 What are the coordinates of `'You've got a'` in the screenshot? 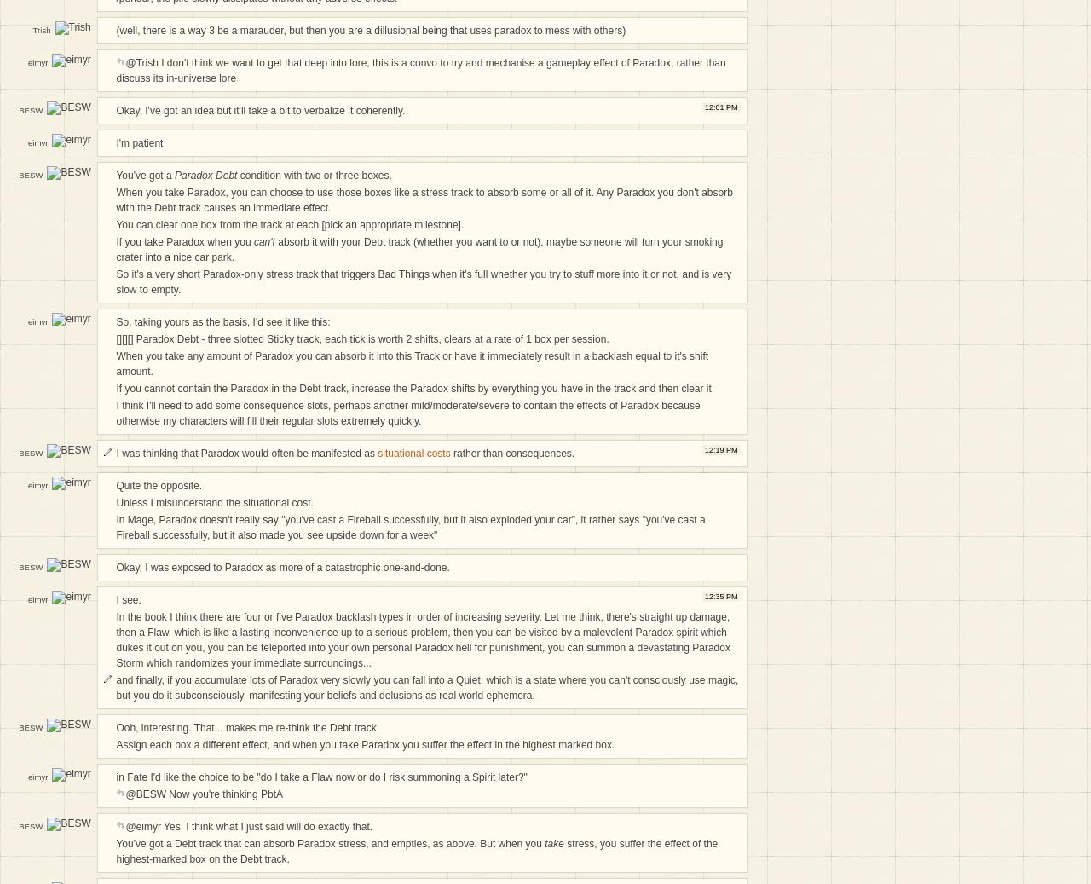 It's located at (145, 174).